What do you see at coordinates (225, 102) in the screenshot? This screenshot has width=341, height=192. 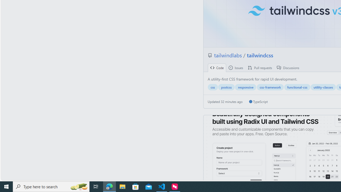 I see `'Updated 32 minutes ago'` at bounding box center [225, 102].